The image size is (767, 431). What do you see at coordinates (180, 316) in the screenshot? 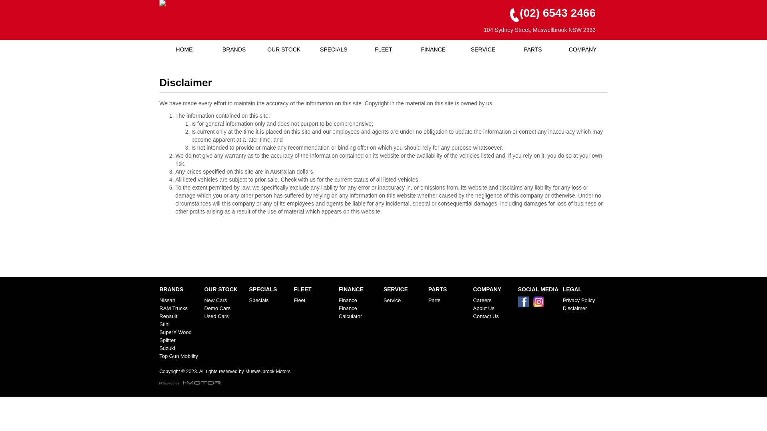
I see `'Renault'` at bounding box center [180, 316].